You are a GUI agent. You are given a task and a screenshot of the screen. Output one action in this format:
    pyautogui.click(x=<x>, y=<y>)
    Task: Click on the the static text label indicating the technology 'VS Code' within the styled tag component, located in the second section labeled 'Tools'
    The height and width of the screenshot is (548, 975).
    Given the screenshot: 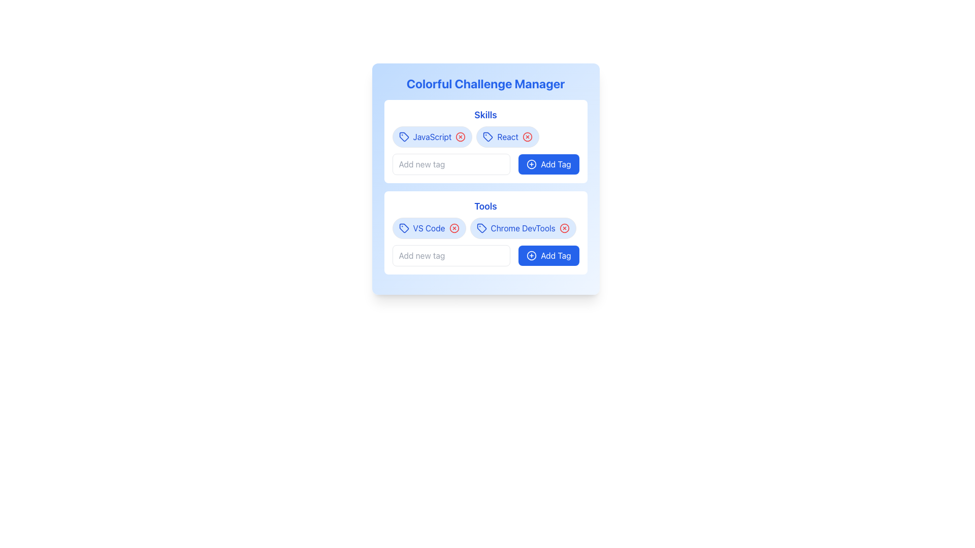 What is the action you would take?
    pyautogui.click(x=429, y=228)
    